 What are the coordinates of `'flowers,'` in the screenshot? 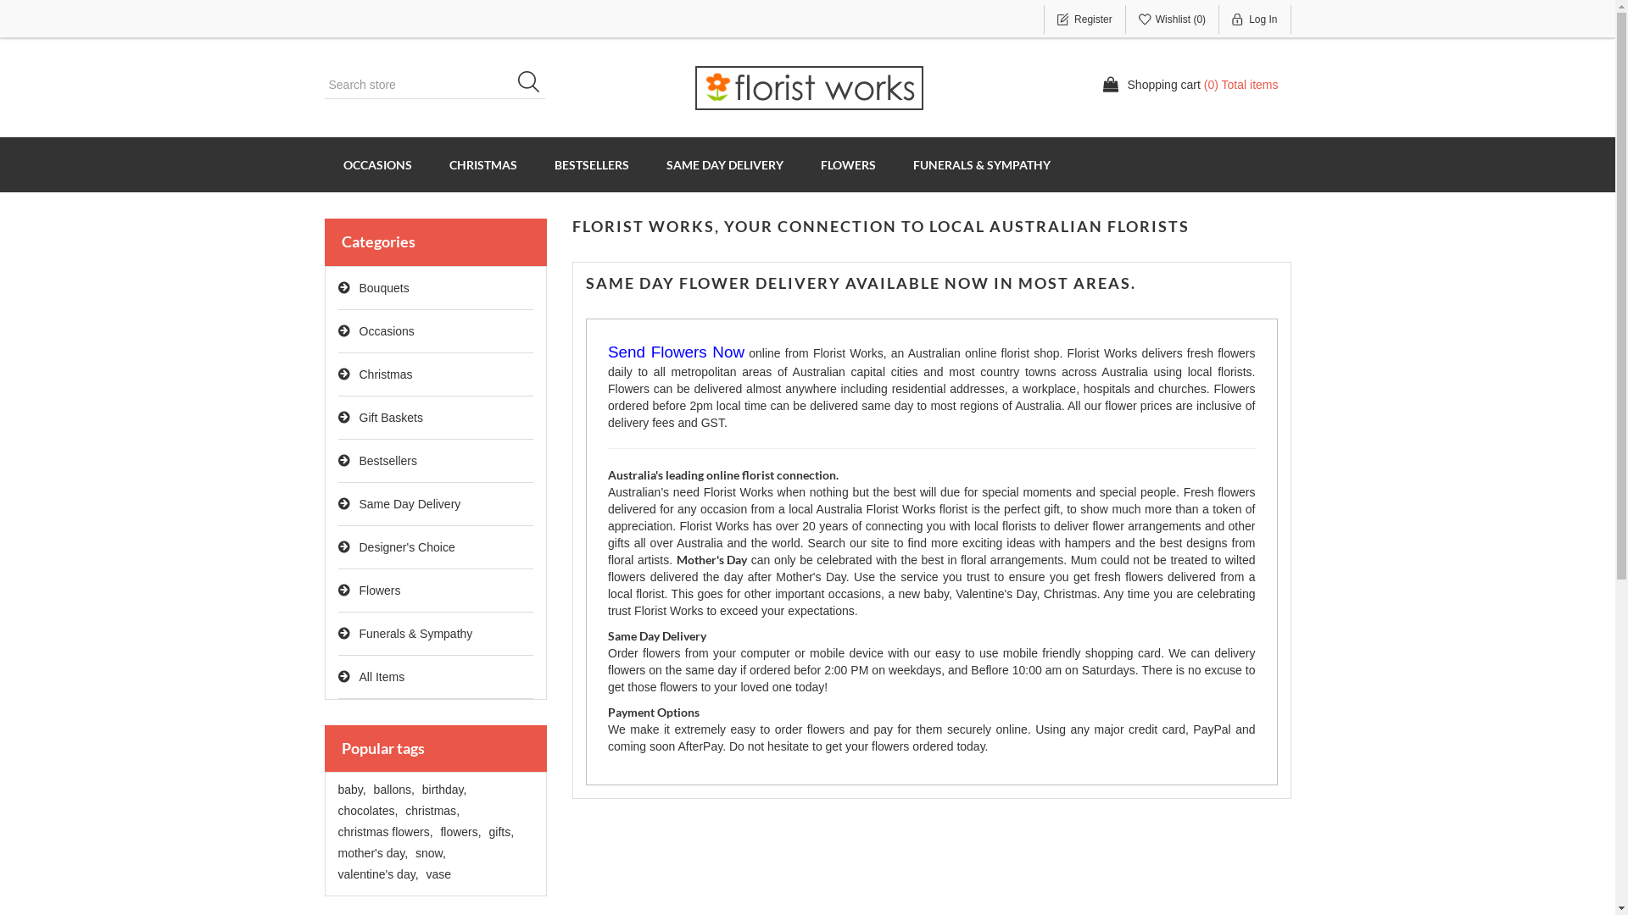 It's located at (460, 831).